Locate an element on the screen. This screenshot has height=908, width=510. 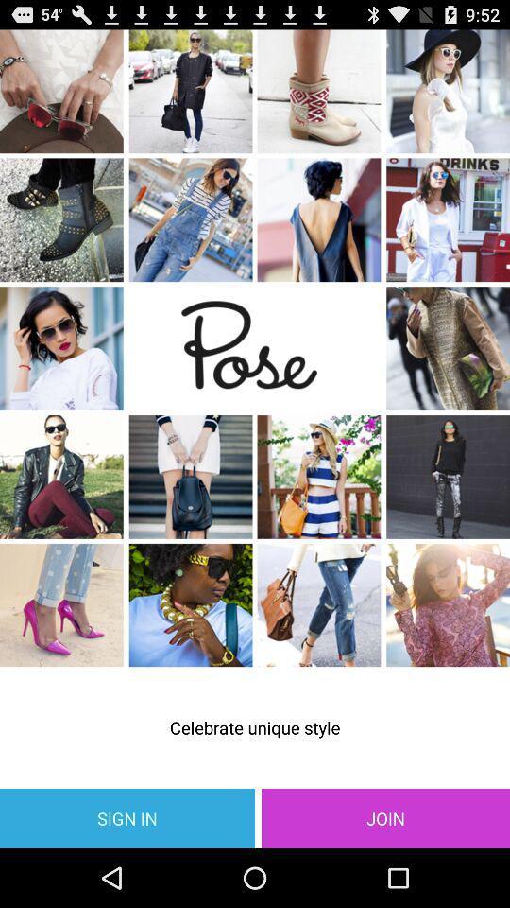
app below celebrate unique style icon is located at coordinates (127, 817).